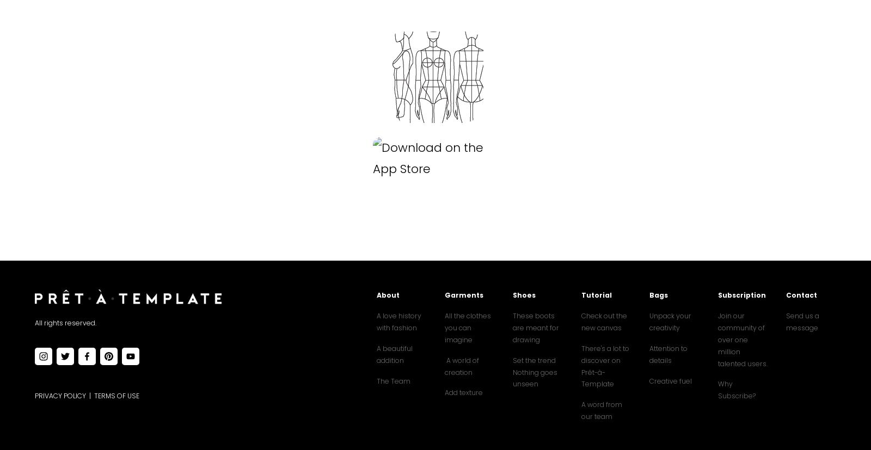 Image resolution: width=871 pixels, height=450 pixels. Describe the element at coordinates (536, 327) in the screenshot. I see `'These boots are meant for drawing'` at that location.